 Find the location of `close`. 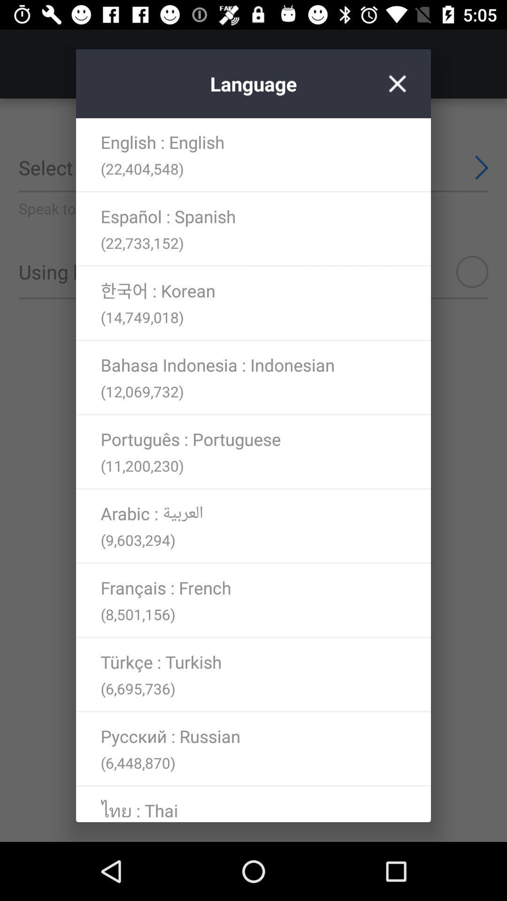

close is located at coordinates (397, 84).